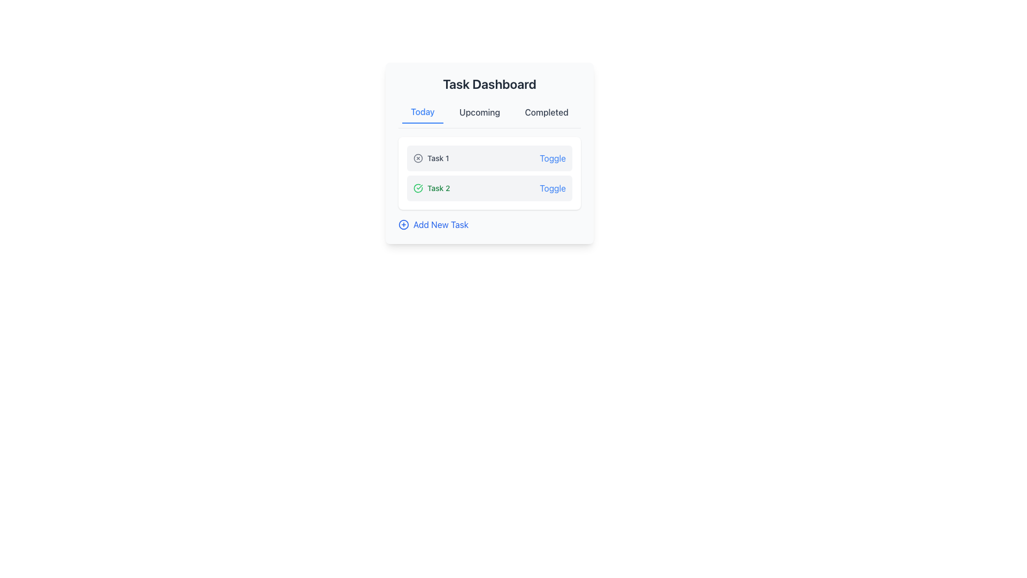  Describe the element at coordinates (422, 112) in the screenshot. I see `the 'Today' interactive tab, which is the first item in a horizontal list of navigation tabs` at that location.